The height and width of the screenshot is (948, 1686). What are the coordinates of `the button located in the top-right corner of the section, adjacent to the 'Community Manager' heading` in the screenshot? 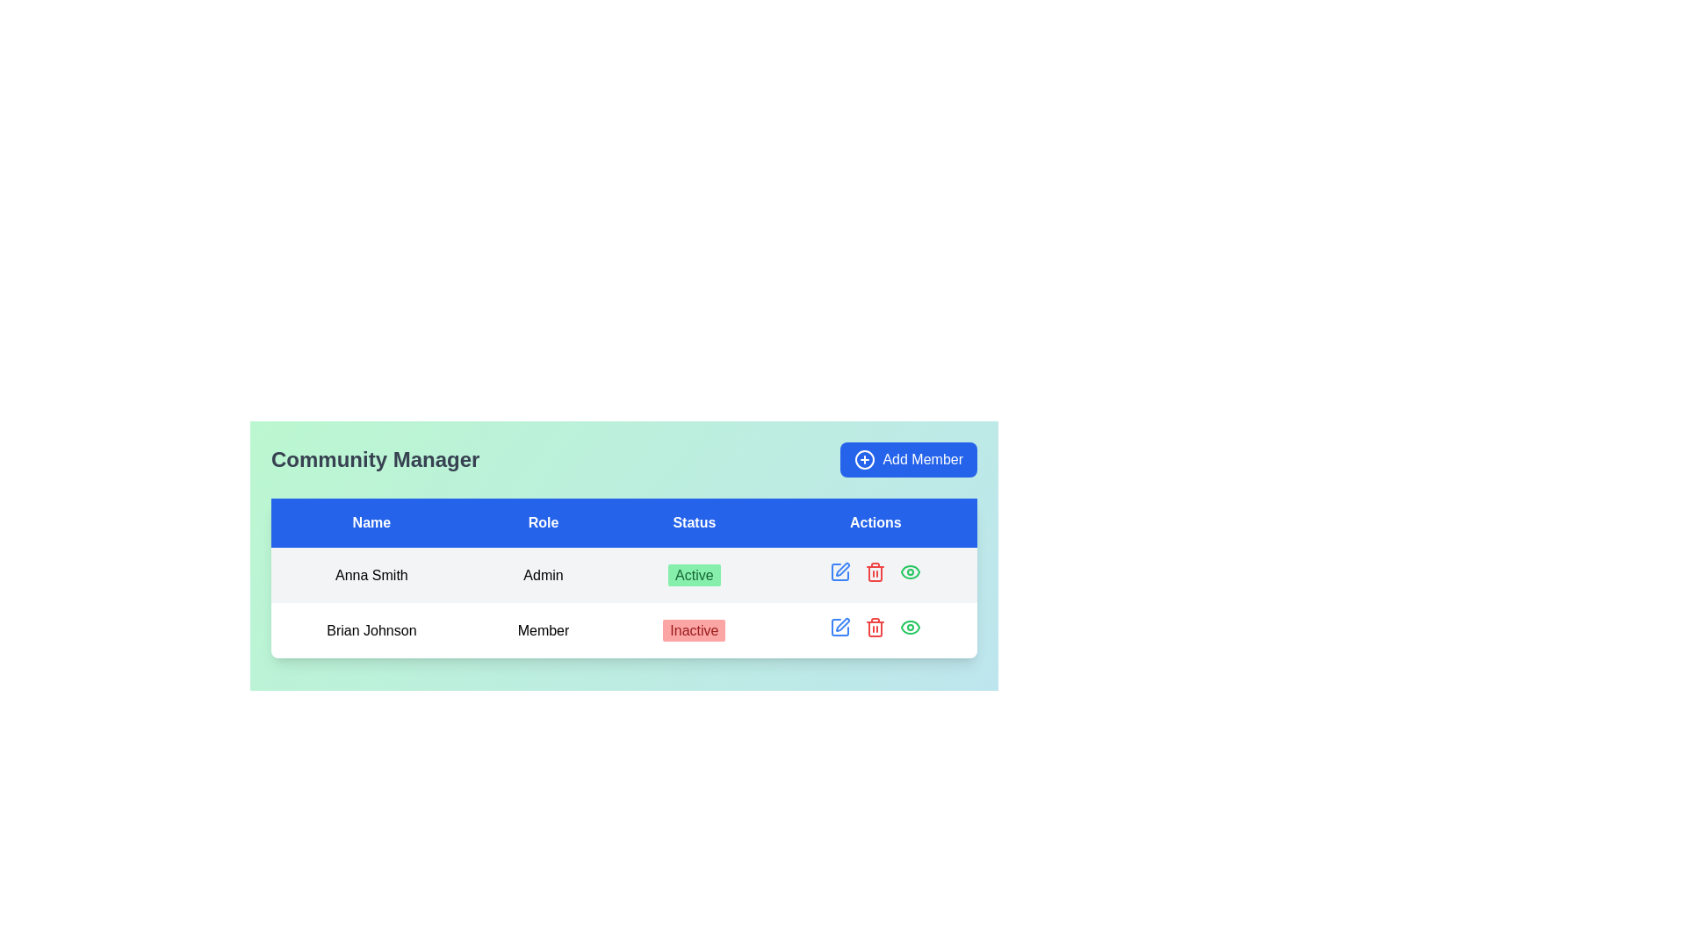 It's located at (909, 459).